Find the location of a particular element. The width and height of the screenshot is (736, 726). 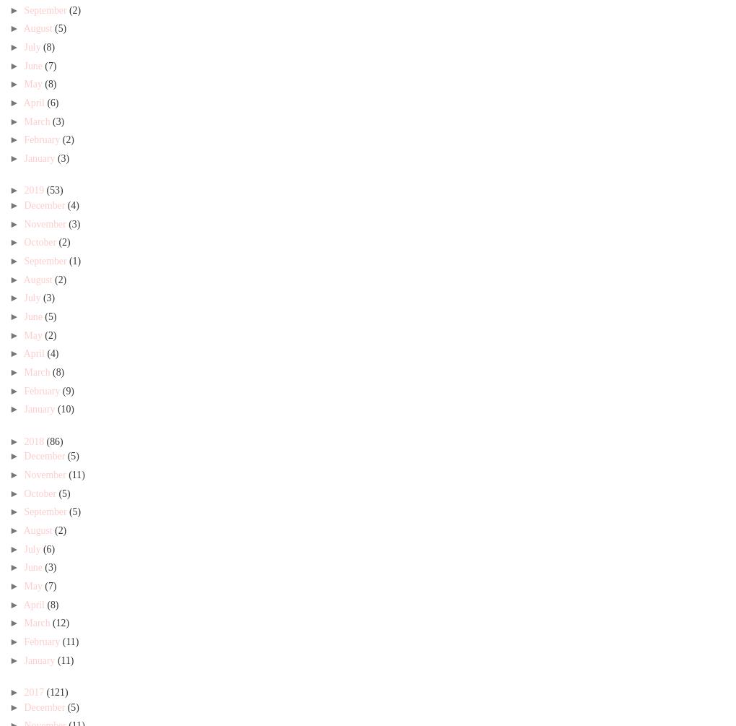

'(1)' is located at coordinates (74, 260).